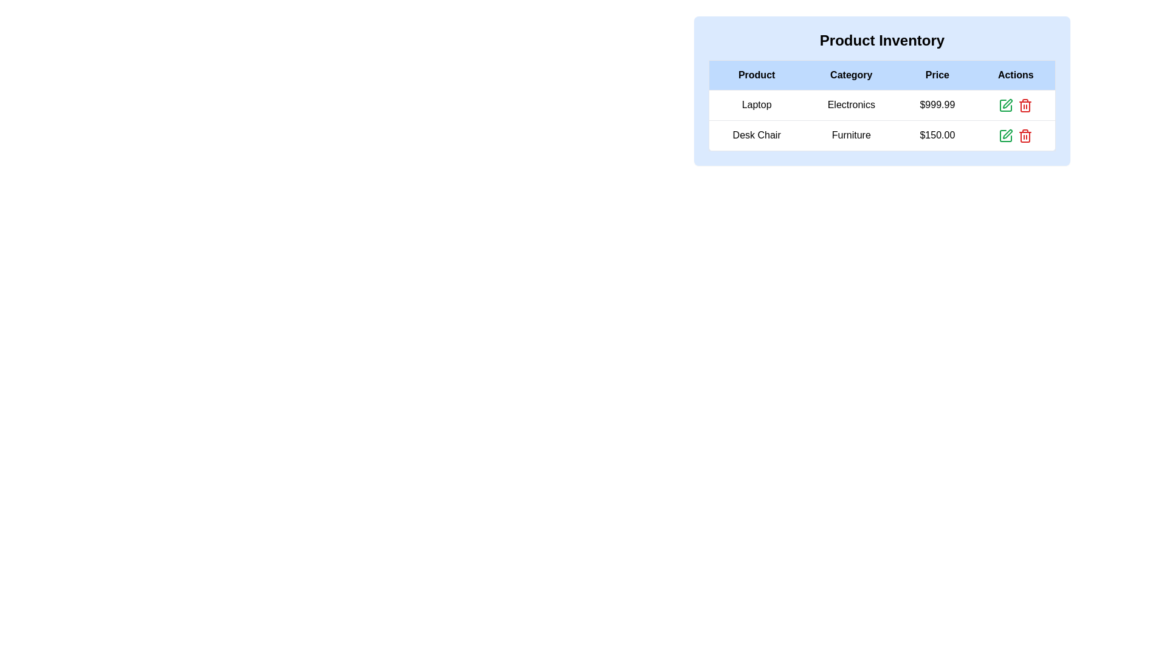  Describe the element at coordinates (937, 135) in the screenshot. I see `the price label displaying the price information for the item 'Desk Chair' in the second row of the table under the 'Price' column` at that location.